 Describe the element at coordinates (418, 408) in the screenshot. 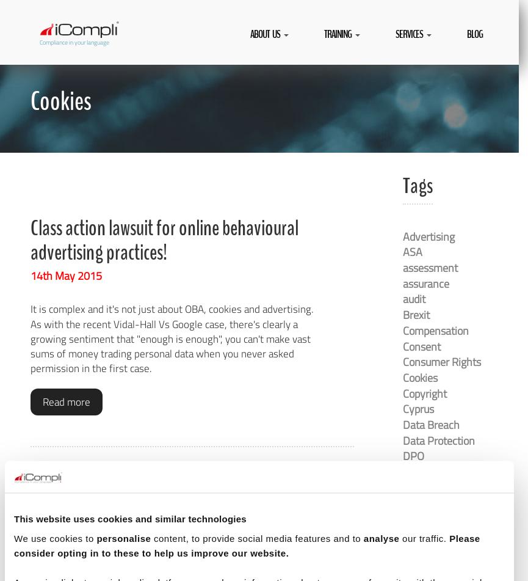

I see `'Cyprus'` at that location.